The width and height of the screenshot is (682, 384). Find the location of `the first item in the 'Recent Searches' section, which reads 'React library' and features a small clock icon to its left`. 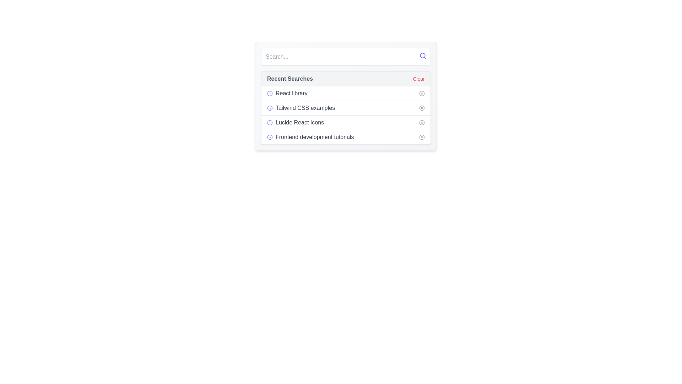

the first item in the 'Recent Searches' section, which reads 'React library' and features a small clock icon to its left is located at coordinates (287, 93).